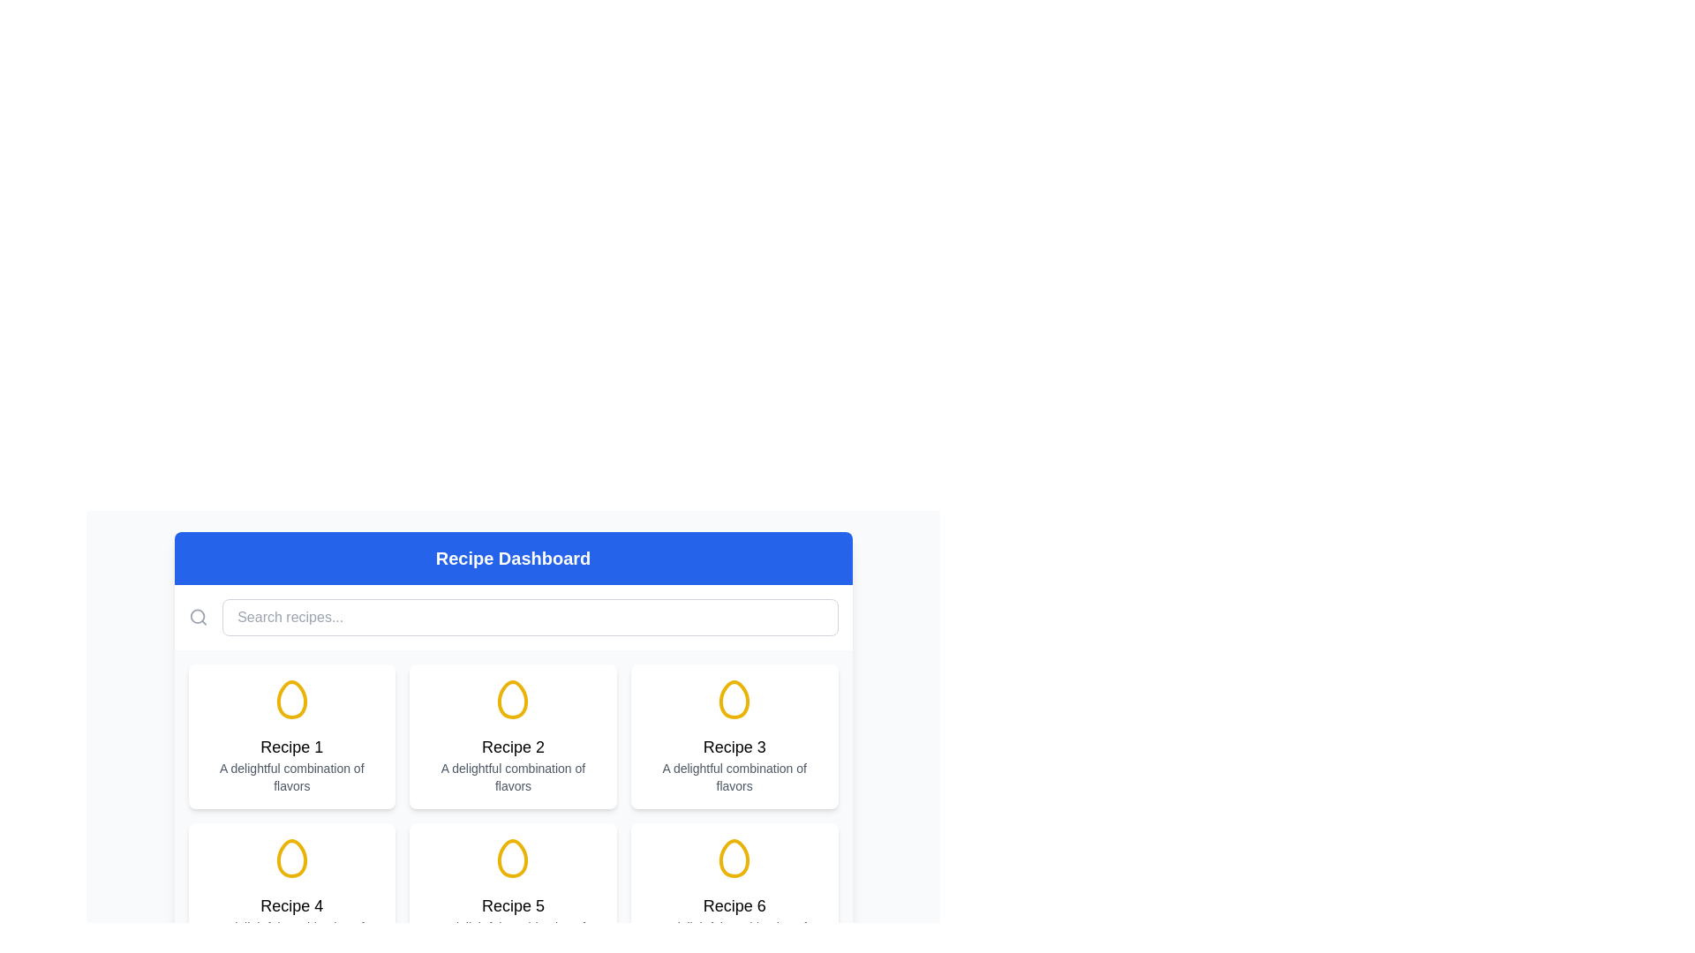 The height and width of the screenshot is (953, 1695). I want to click on the text label that provides additional information about 'Recipe 3', located at the bottom section of the card, so click(734, 776).